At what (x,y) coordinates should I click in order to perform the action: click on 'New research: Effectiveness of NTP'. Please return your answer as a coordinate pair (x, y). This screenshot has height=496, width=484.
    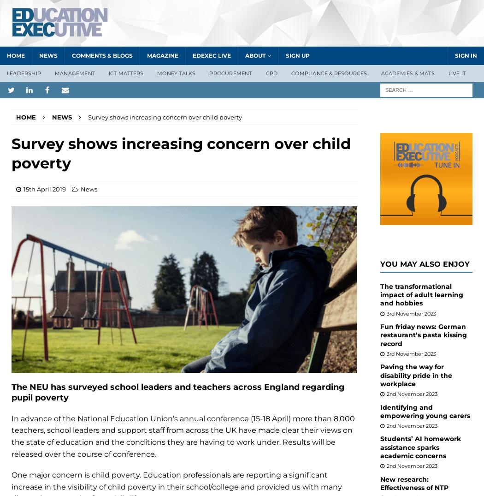
    Looking at the image, I should click on (379, 483).